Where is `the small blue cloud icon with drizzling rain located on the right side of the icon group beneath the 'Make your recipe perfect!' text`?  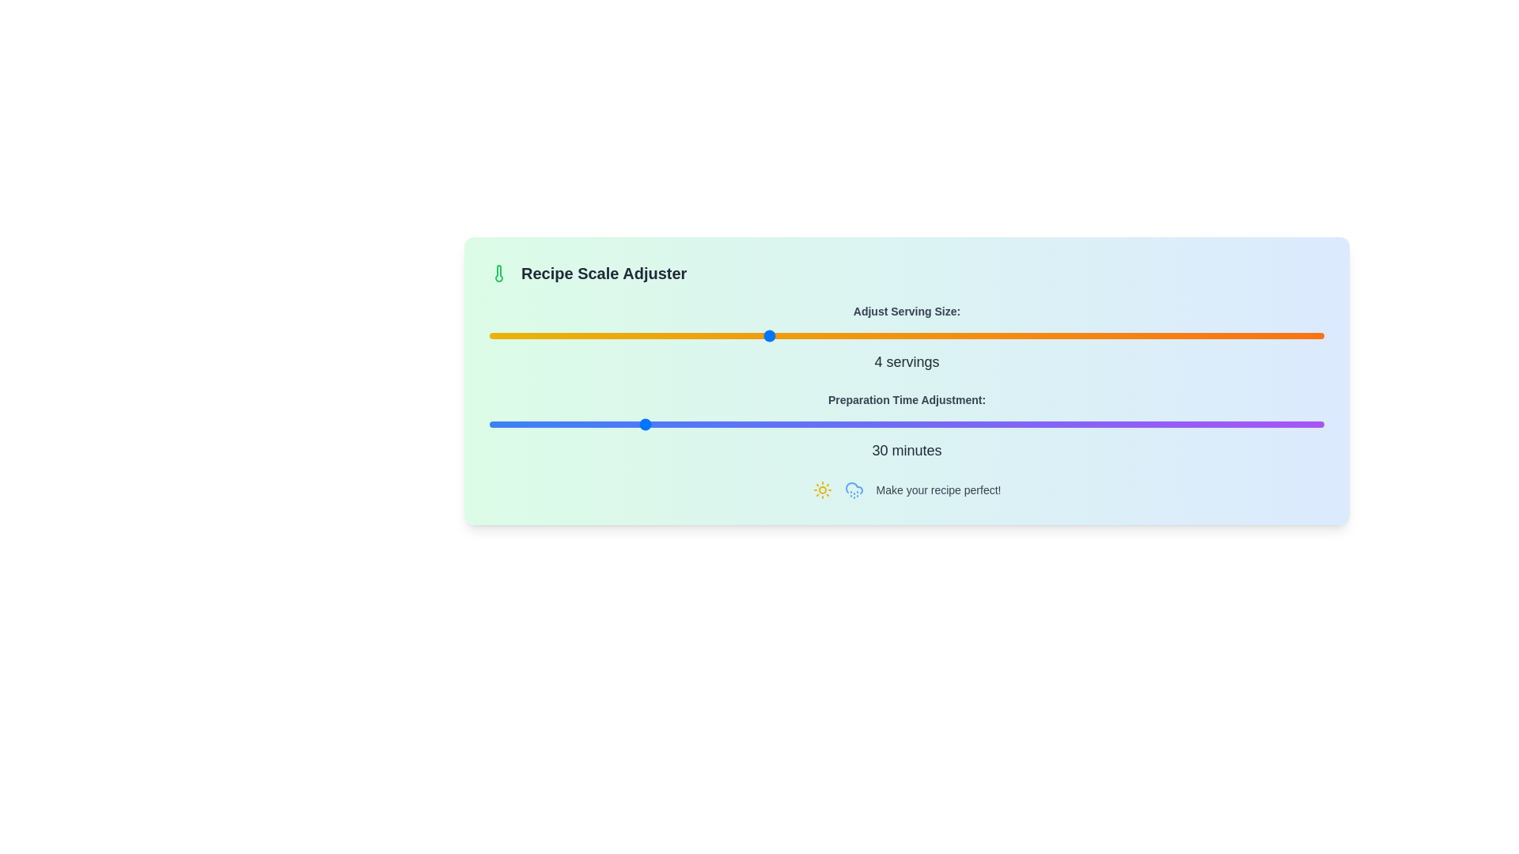
the small blue cloud icon with drizzling rain located on the right side of the icon group beneath the 'Make your recipe perfect!' text is located at coordinates (853, 489).